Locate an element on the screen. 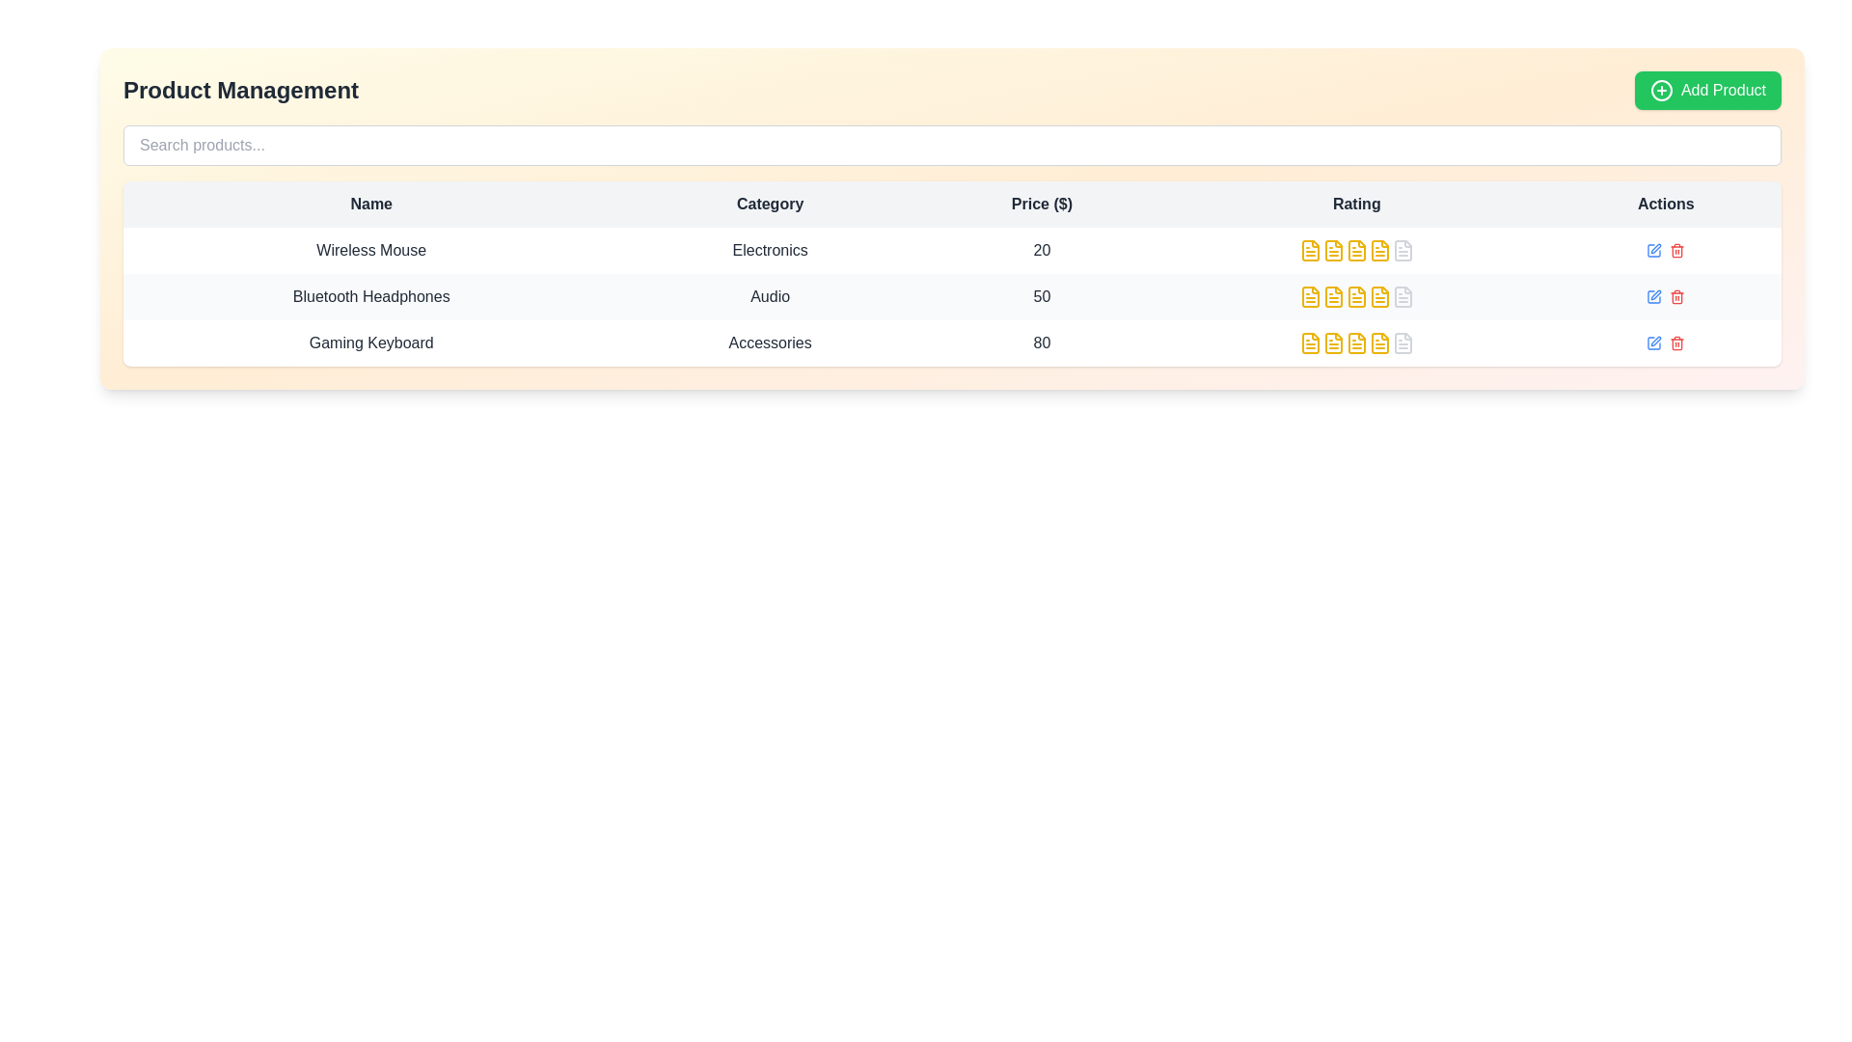  the delete button located in the 'Actions' column of the third row in the table is located at coordinates (1676, 342).